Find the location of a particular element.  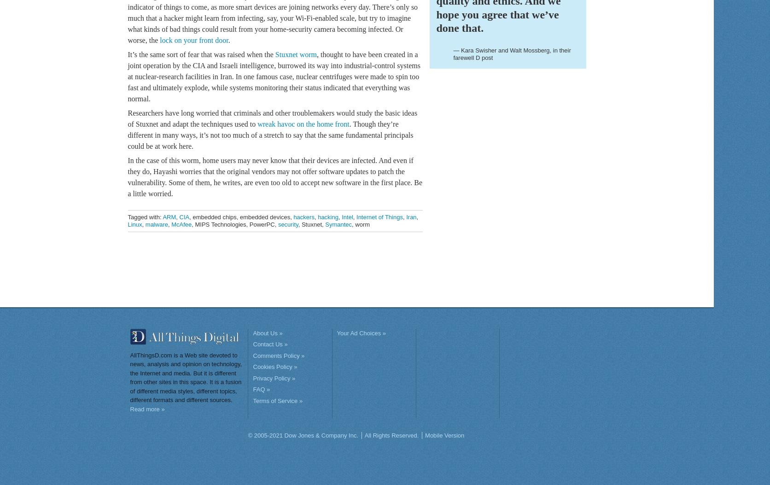

'Contact Us »' is located at coordinates (269, 344).